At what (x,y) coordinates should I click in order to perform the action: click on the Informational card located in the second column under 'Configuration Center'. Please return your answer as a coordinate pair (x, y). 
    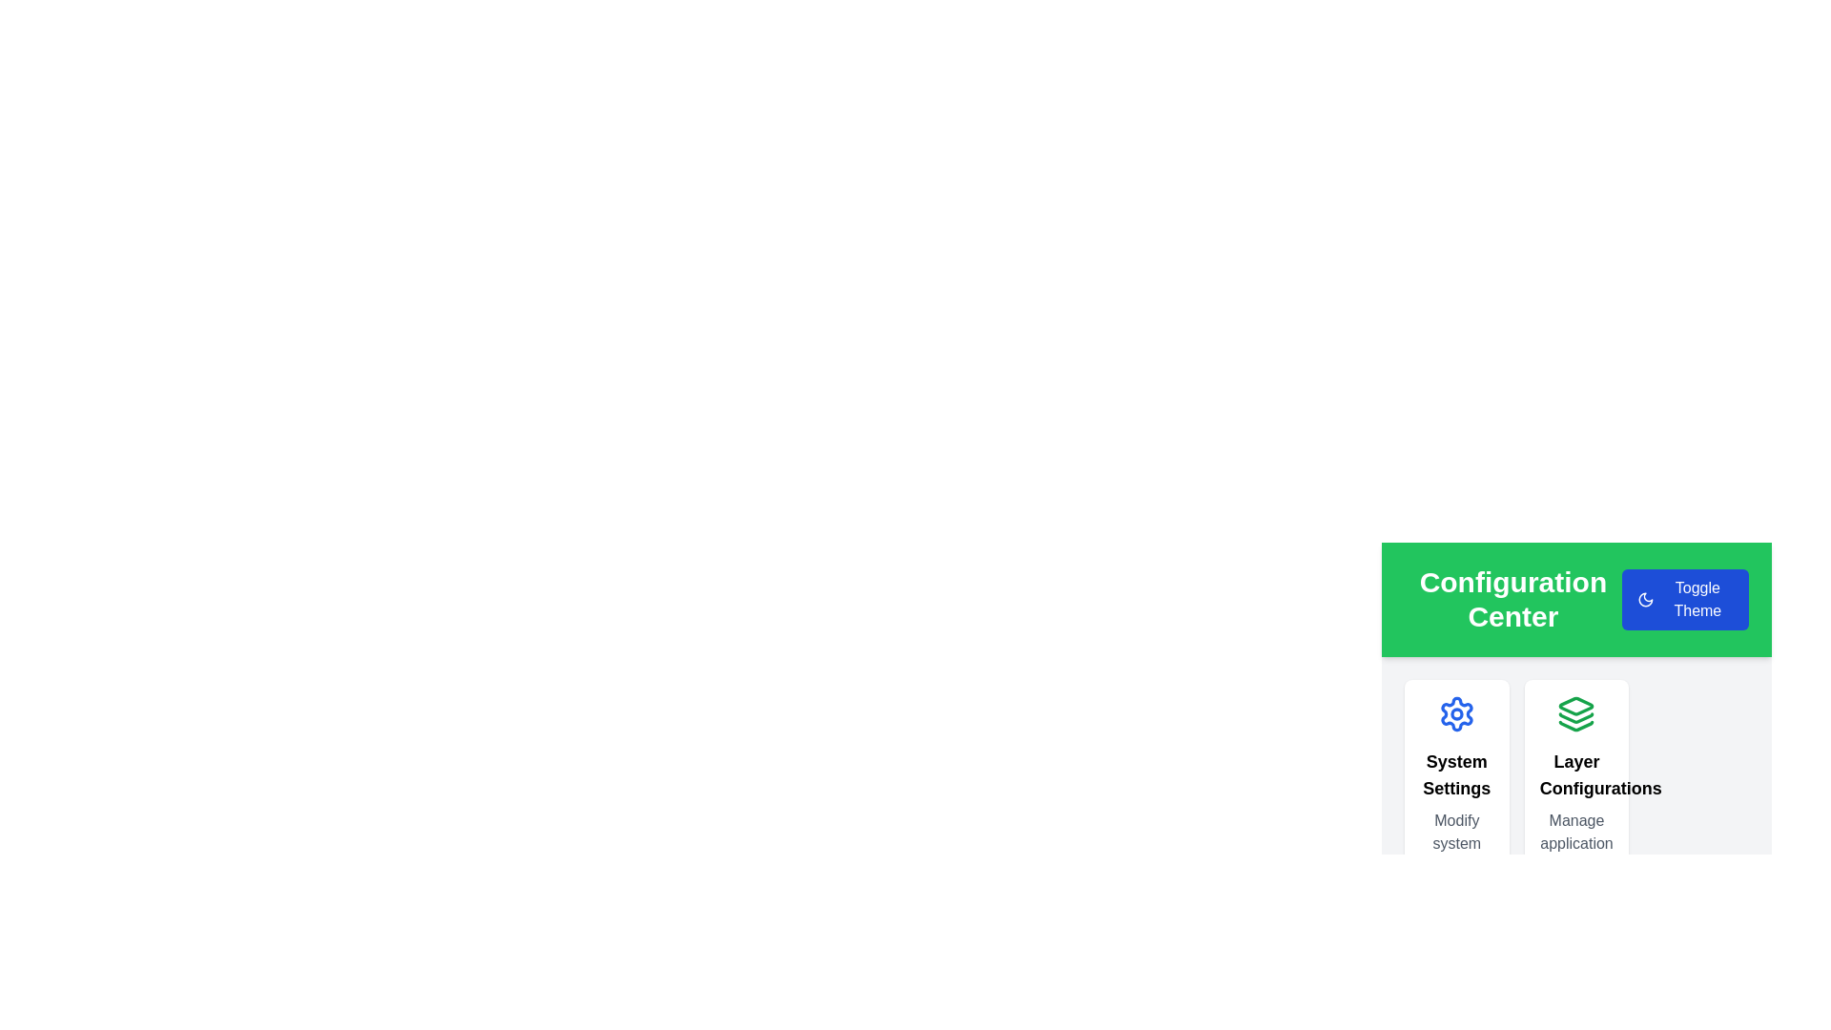
    Looking at the image, I should click on (1576, 809).